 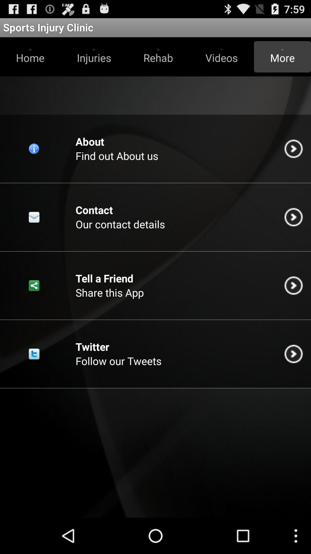 What do you see at coordinates (104, 278) in the screenshot?
I see `tell a friend app` at bounding box center [104, 278].